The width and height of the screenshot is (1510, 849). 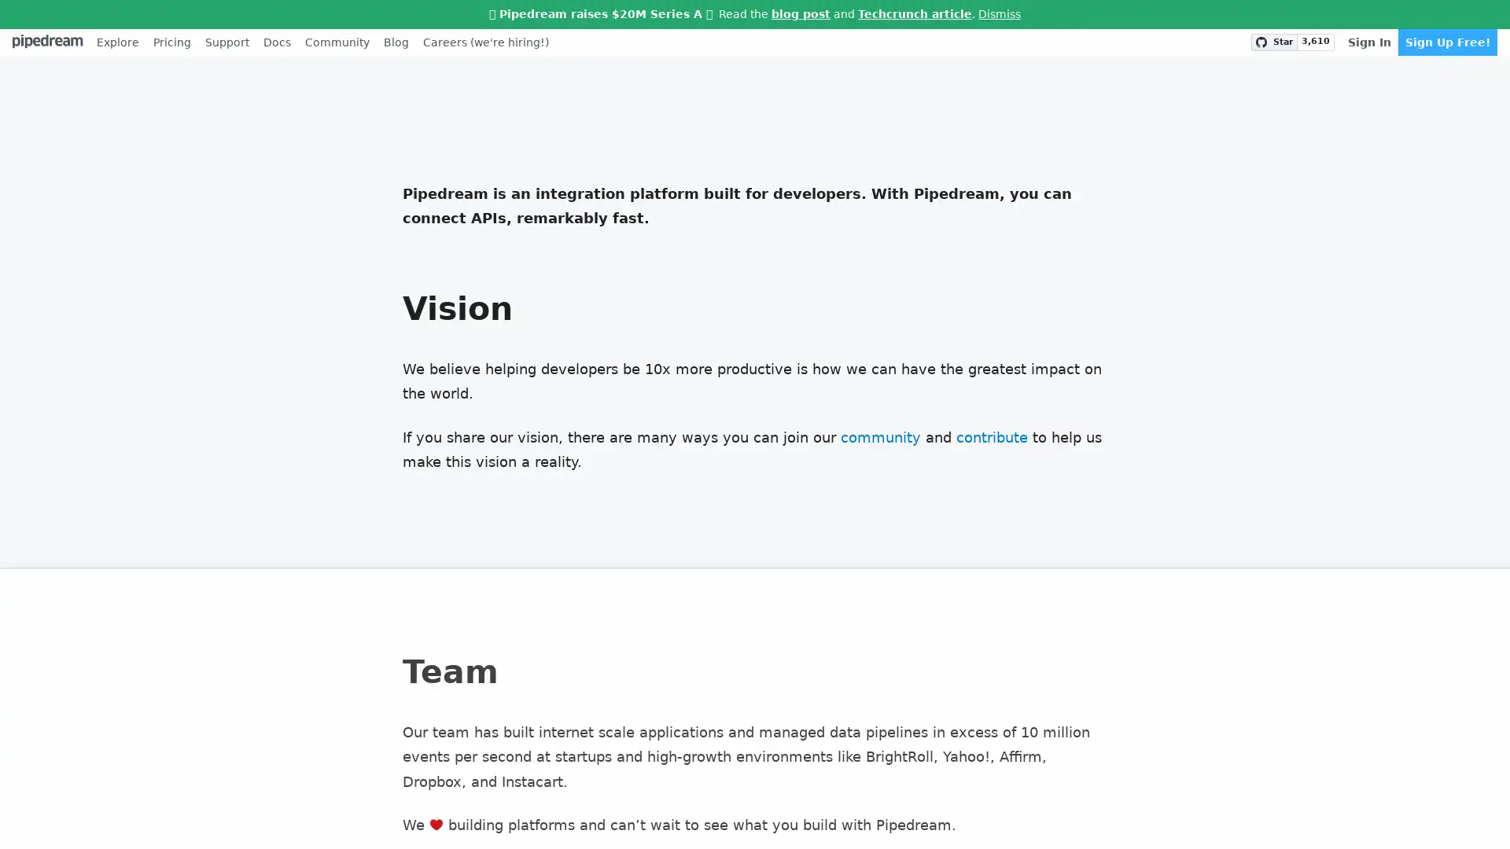 I want to click on Dismiss, so click(x=999, y=14).